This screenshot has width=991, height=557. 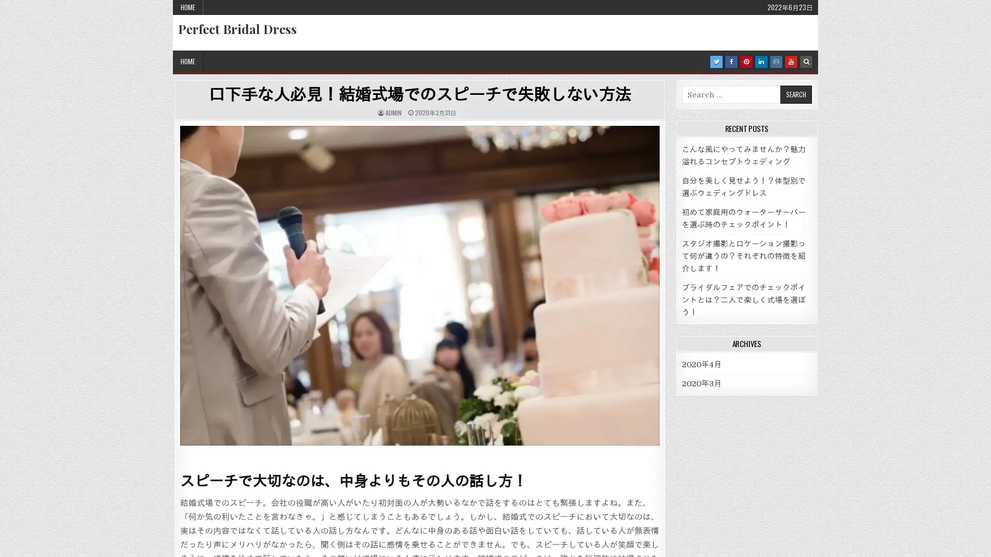 I want to click on Search, so click(x=795, y=94).